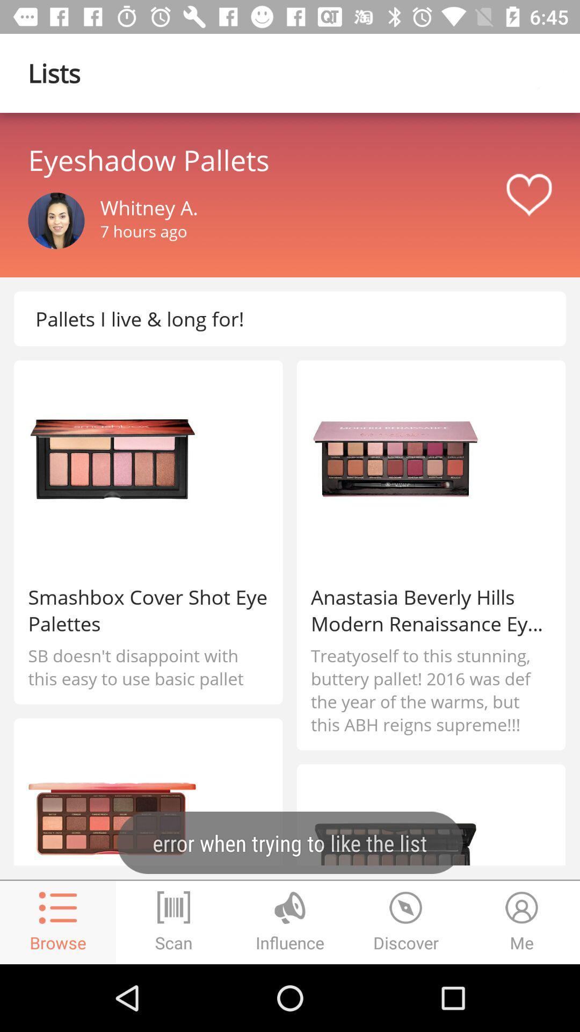  What do you see at coordinates (528, 195) in the screenshot?
I see `like button` at bounding box center [528, 195].